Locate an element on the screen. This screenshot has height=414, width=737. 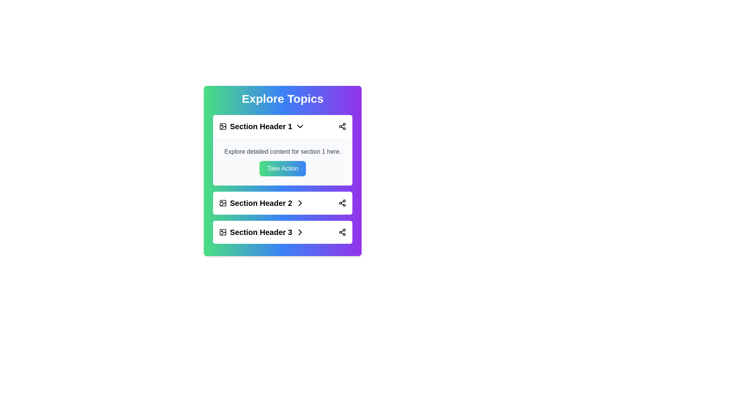
the 'Section Header 2' list item header with icon is located at coordinates (262, 202).